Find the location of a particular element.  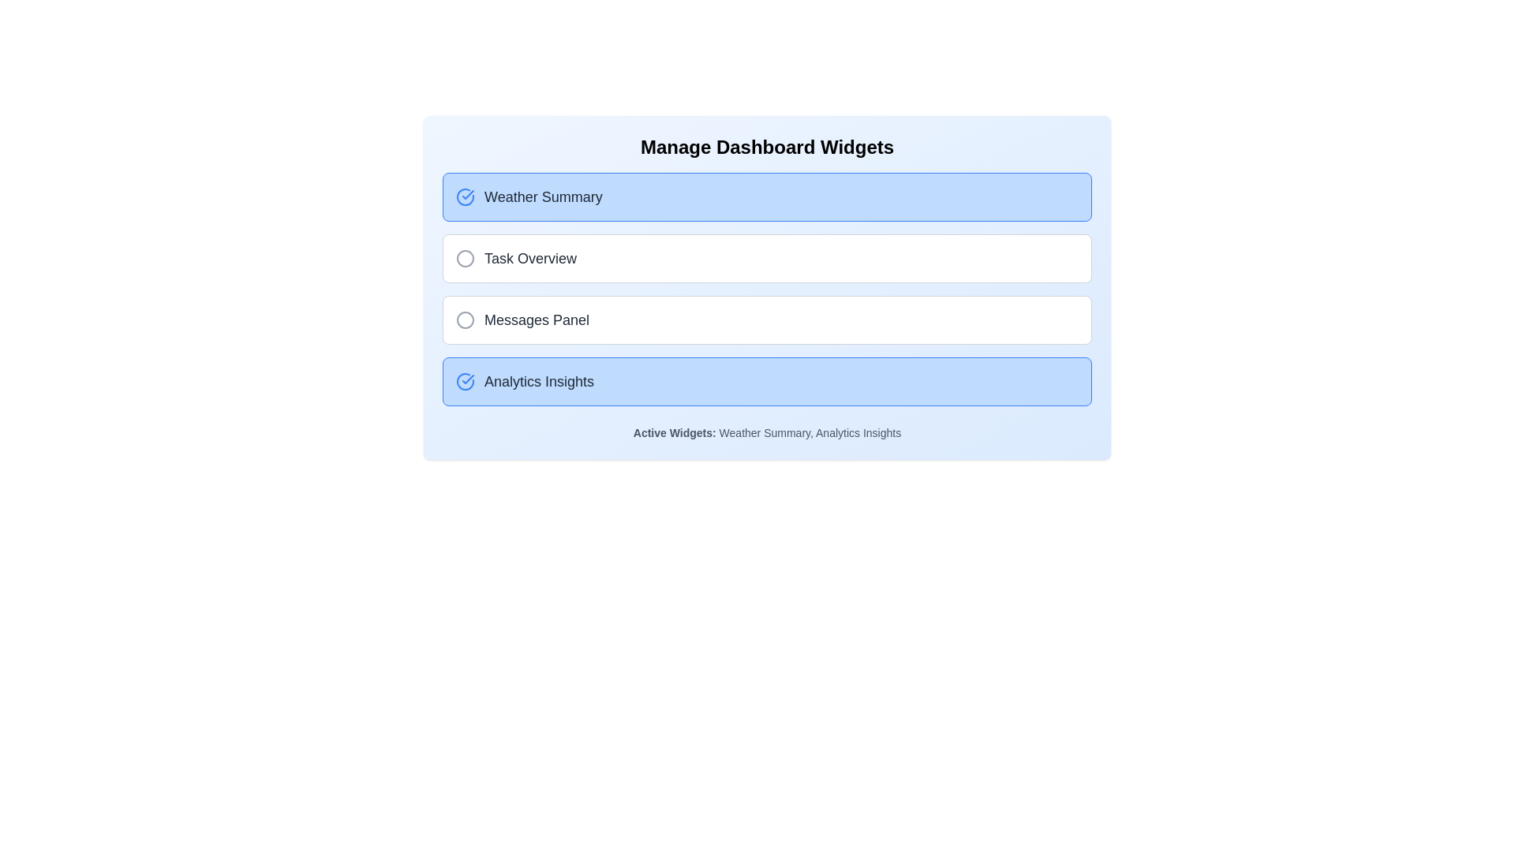

the static text element that reads 'Active Widgets: Weather Summary, Analytics Insights.' positioned below the main area of various widget details is located at coordinates (767, 432).